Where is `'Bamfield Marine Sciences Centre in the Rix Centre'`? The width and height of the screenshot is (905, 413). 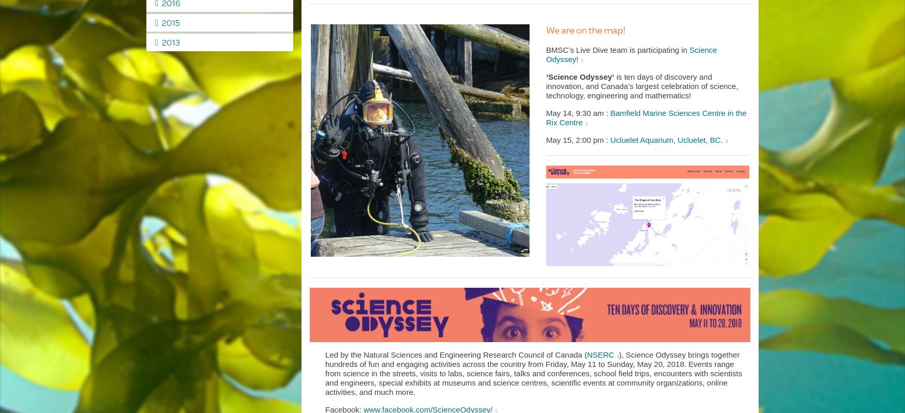 'Bamfield Marine Sciences Centre in the Rix Centre' is located at coordinates (646, 117).